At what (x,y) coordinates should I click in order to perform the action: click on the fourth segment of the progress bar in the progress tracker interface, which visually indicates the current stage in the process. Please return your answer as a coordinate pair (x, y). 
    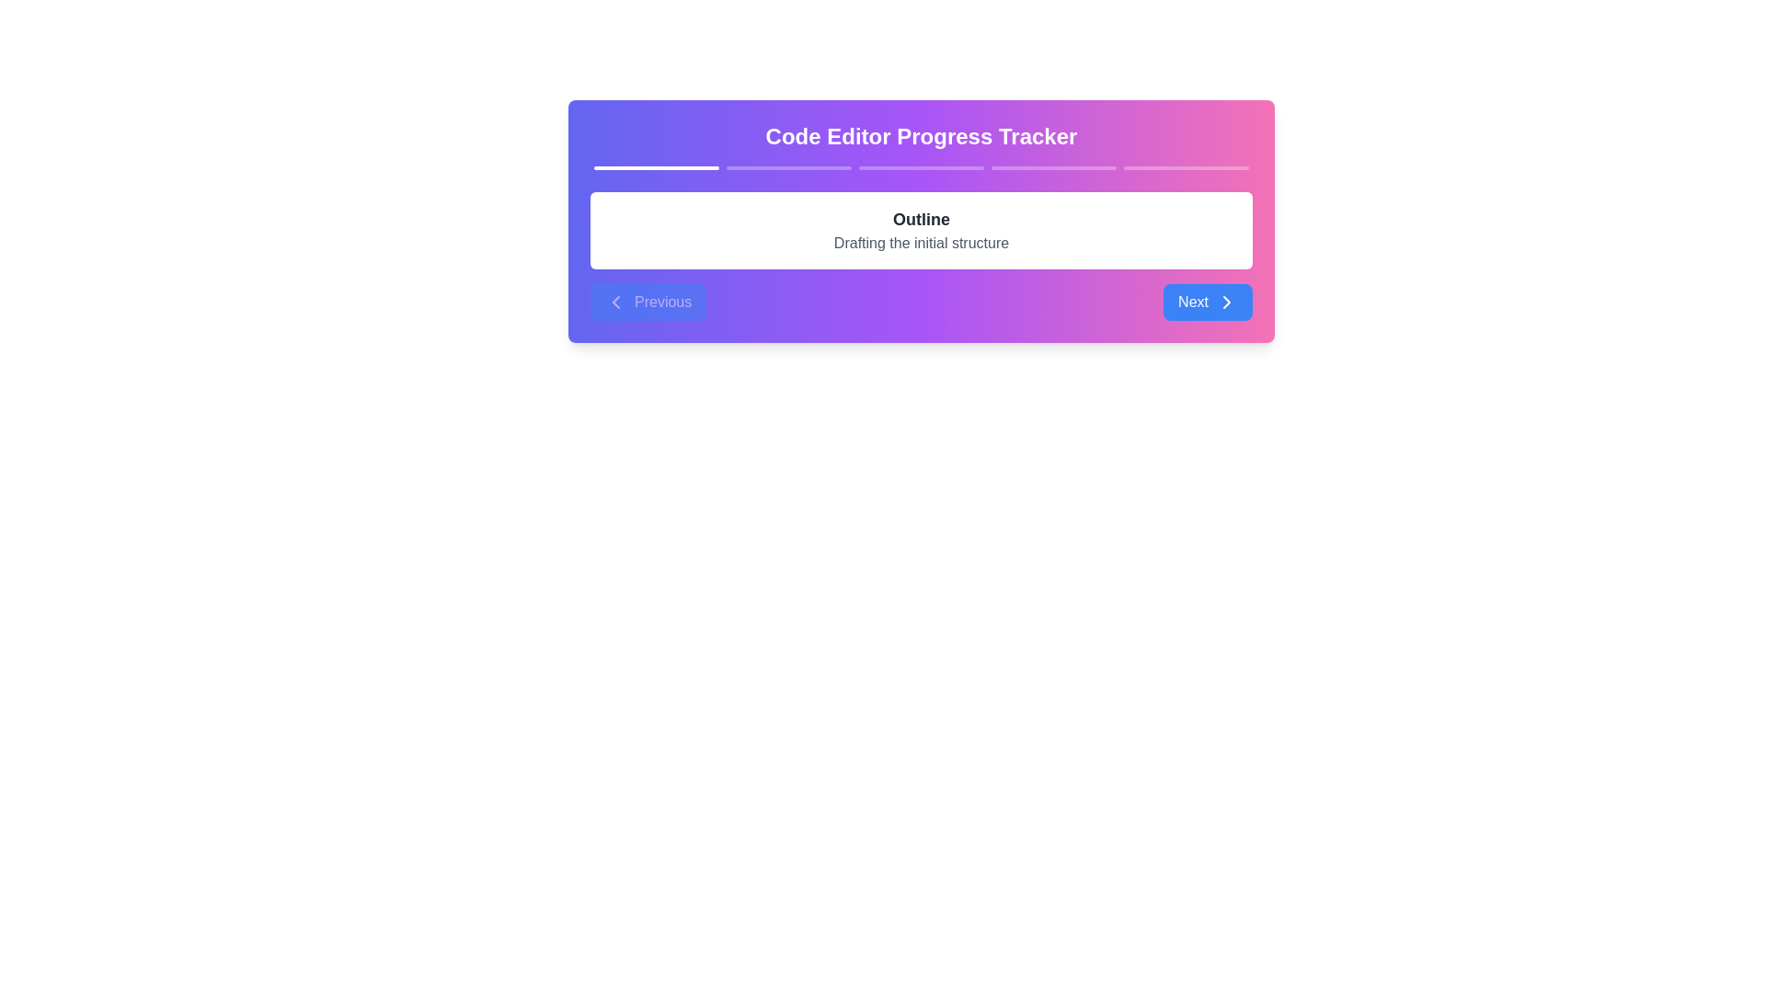
    Looking at the image, I should click on (1054, 167).